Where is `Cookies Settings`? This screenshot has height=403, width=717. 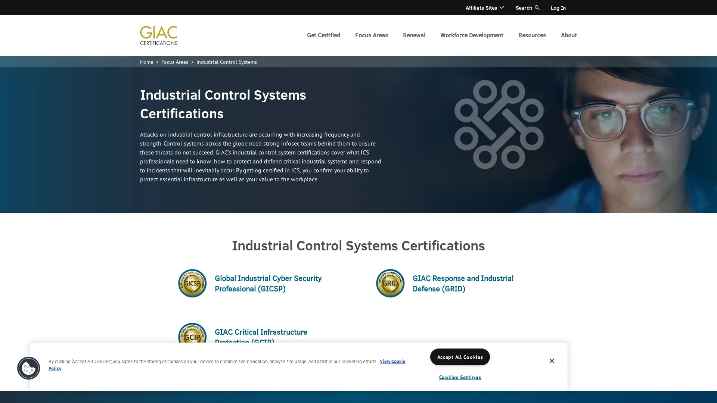
Cookies Settings is located at coordinates (460, 377).